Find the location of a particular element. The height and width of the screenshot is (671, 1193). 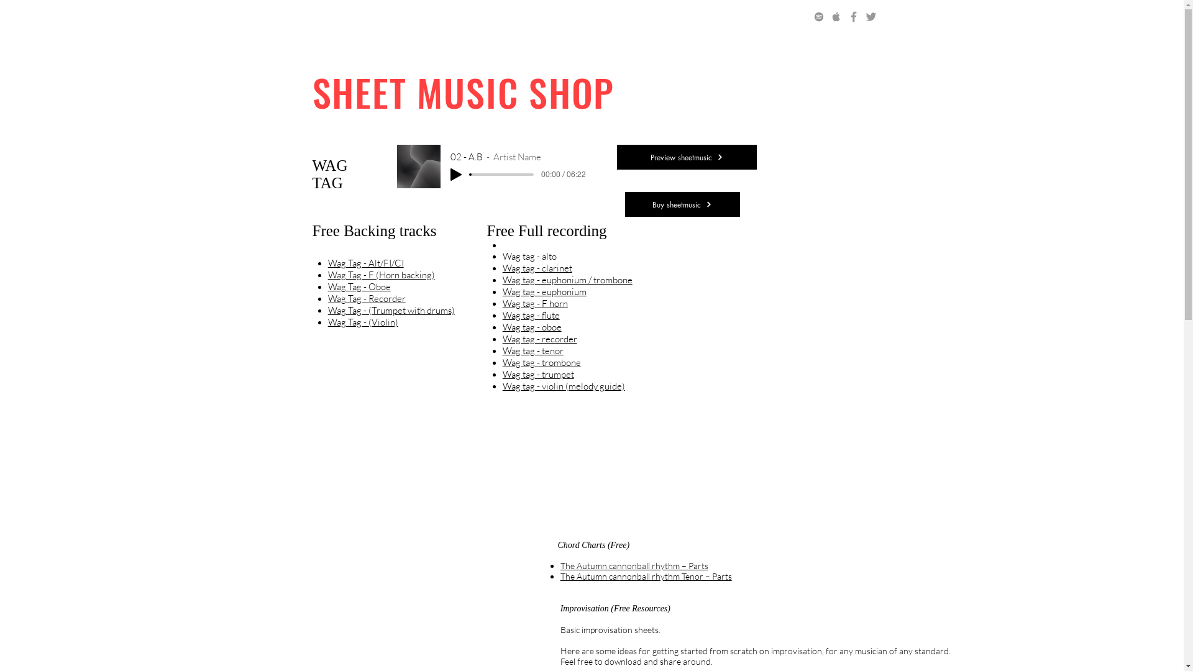

'Wag tag - trumpet' is located at coordinates (538, 373).